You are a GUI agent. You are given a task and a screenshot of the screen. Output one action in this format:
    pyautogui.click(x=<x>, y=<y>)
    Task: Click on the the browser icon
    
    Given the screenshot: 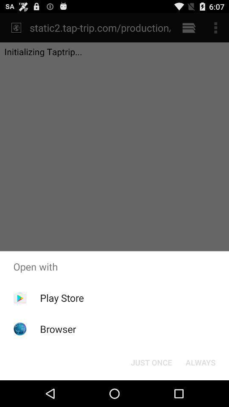 What is the action you would take?
    pyautogui.click(x=58, y=329)
    